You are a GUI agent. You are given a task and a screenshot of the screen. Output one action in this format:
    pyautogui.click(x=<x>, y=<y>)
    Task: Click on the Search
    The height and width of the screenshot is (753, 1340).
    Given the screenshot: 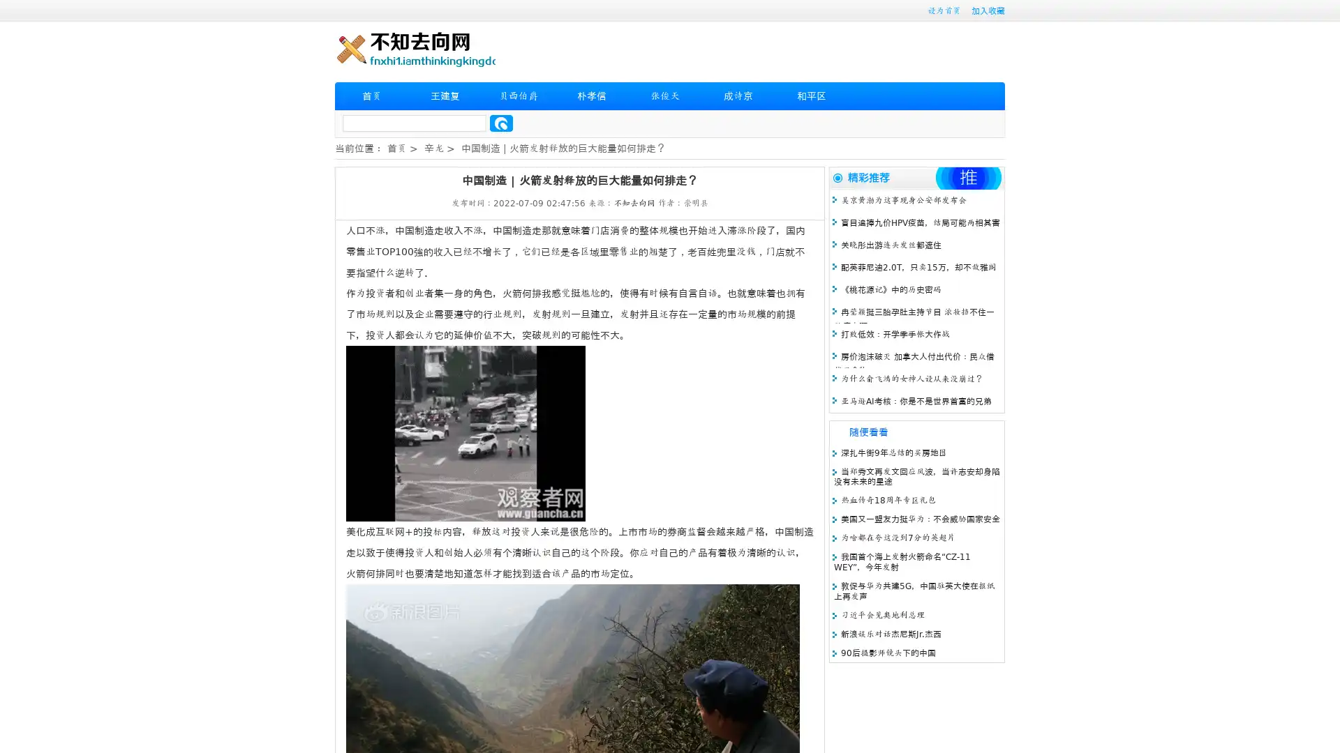 What is the action you would take?
    pyautogui.click(x=501, y=123)
    